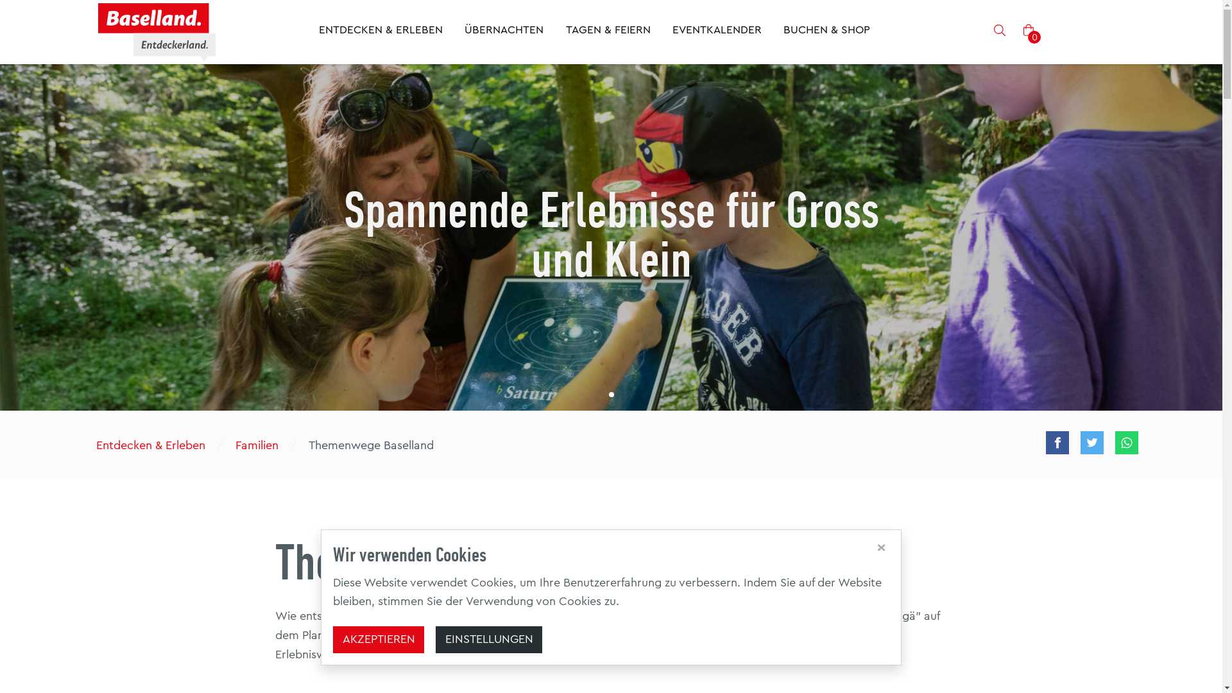 The width and height of the screenshot is (1232, 693). Describe the element at coordinates (378, 640) in the screenshot. I see `'AKZEPTIEREN'` at that location.